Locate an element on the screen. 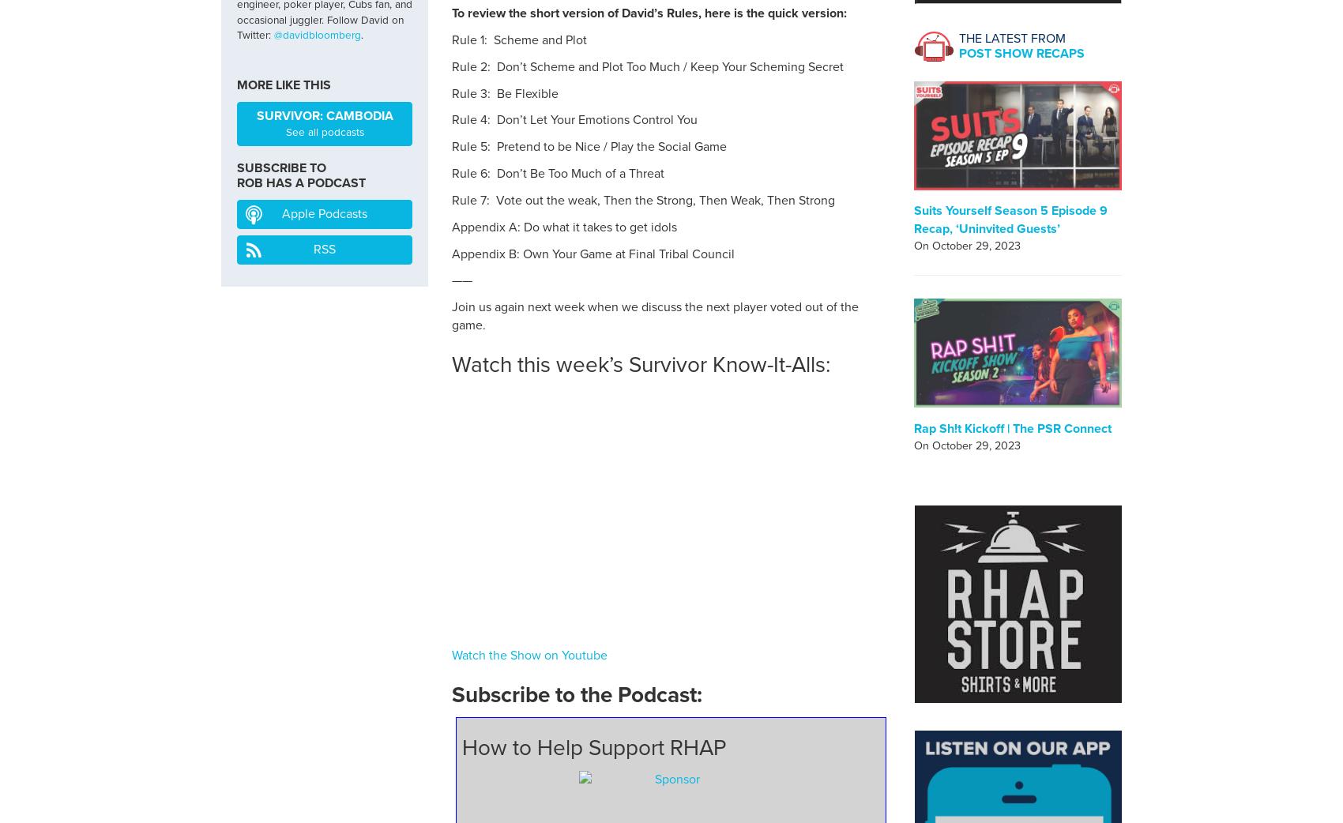  'Rule 1:  Scheme and Plot' is located at coordinates (519, 39).